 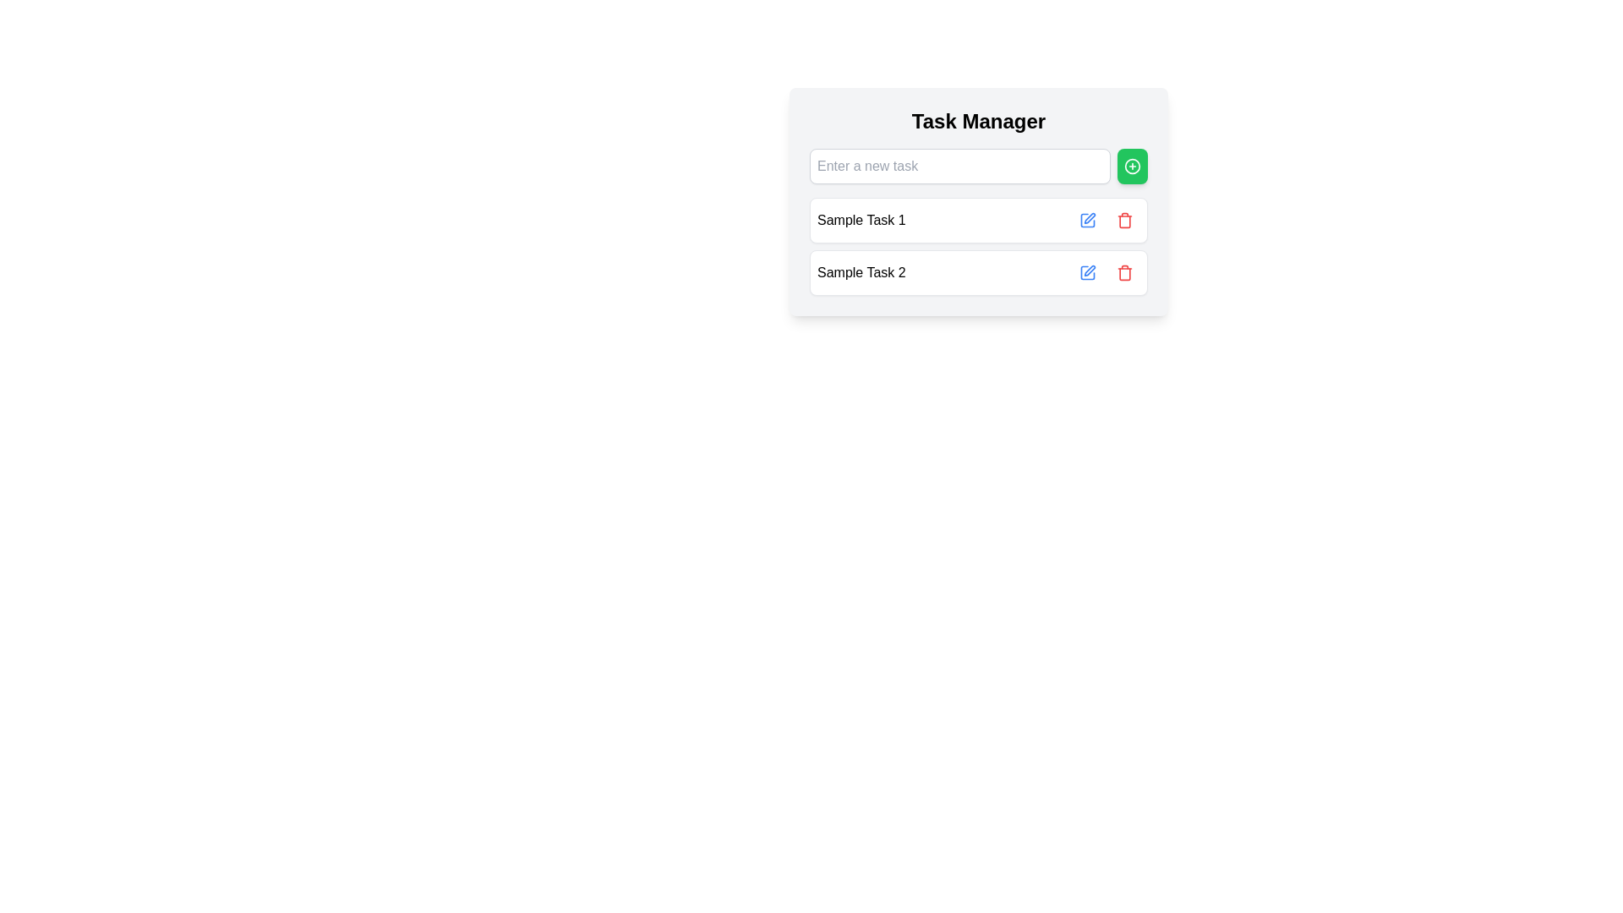 What do you see at coordinates (1087, 272) in the screenshot?
I see `the blue pen icon button located to the left of the red trash bin icon in the task list for 'Sample Task 2'` at bounding box center [1087, 272].